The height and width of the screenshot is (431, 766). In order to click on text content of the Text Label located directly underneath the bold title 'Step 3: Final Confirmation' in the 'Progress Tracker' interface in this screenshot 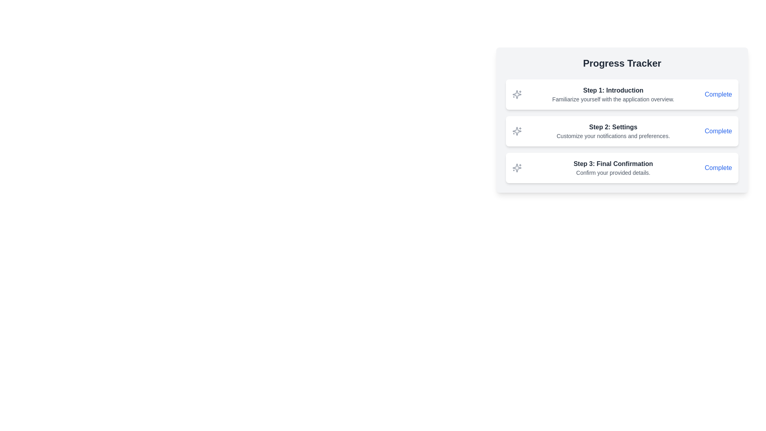, I will do `click(613, 172)`.